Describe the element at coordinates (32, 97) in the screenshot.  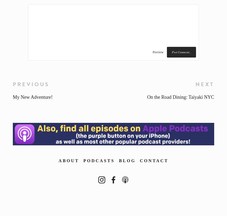
I see `'My New Adventure!'` at that location.